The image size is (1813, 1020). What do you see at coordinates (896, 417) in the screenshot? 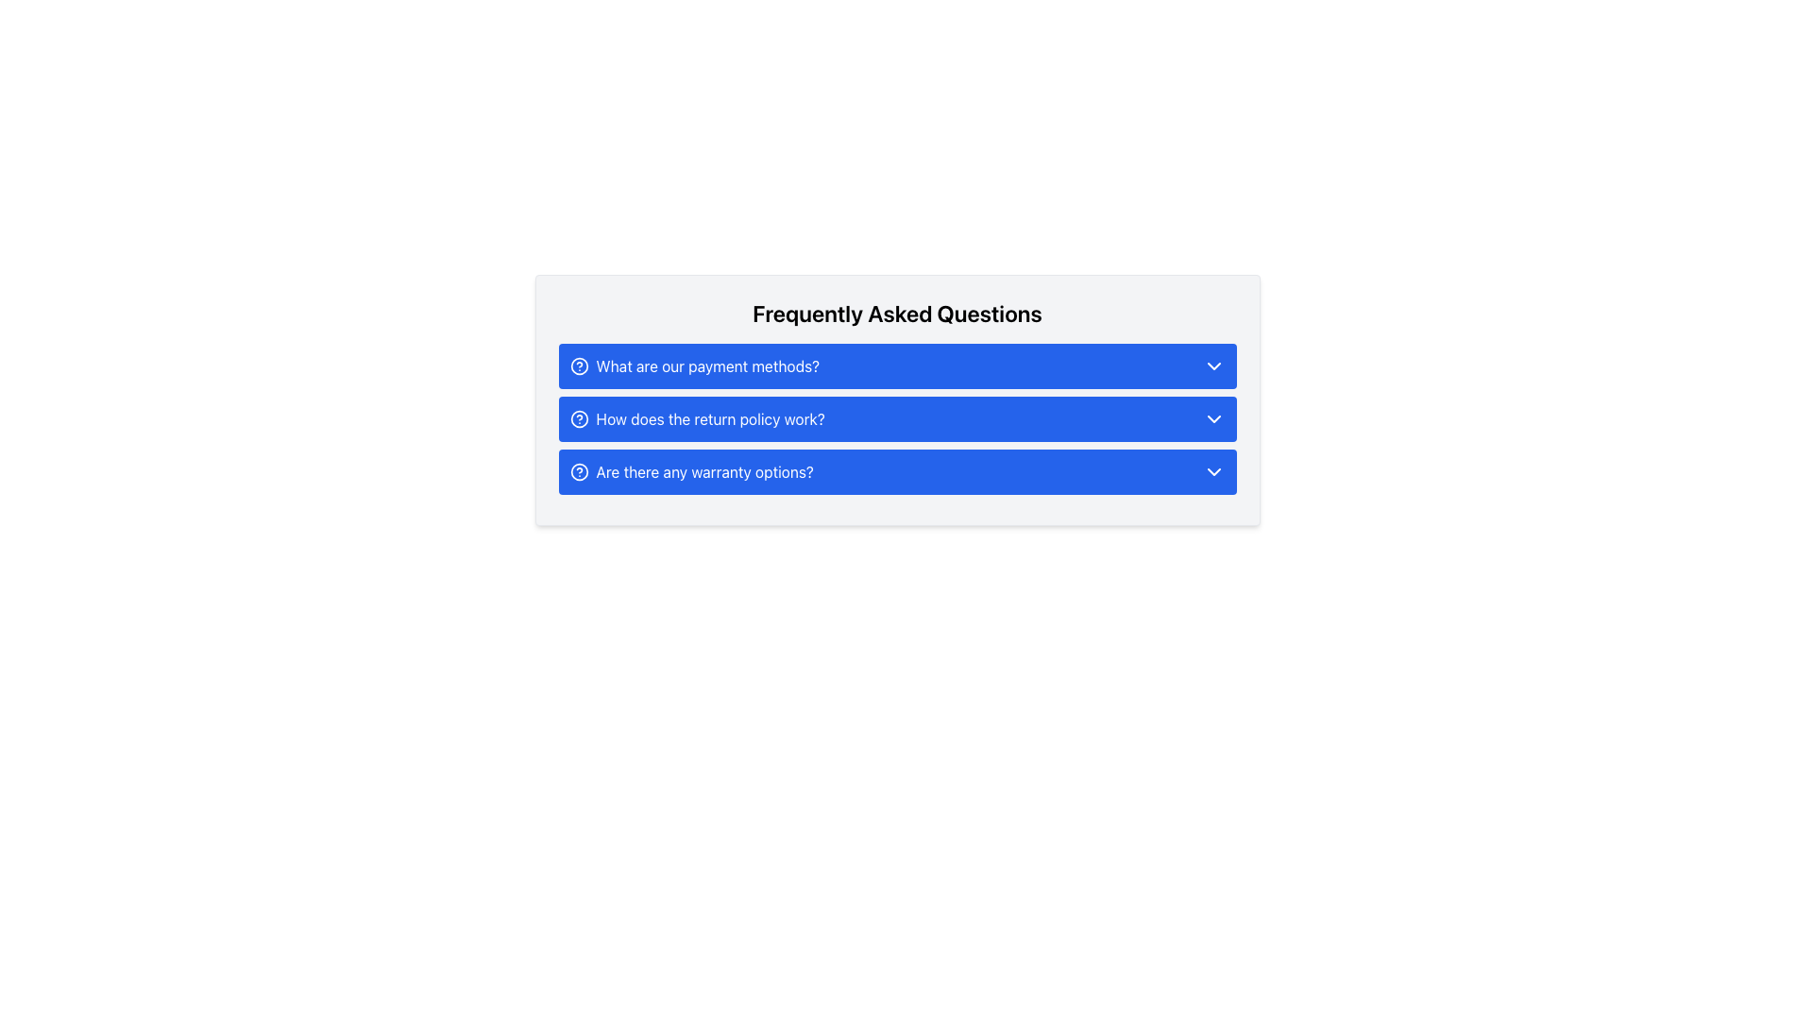
I see `the second collapsible item in the FAQ section to focus on it and prepare for interaction` at bounding box center [896, 417].